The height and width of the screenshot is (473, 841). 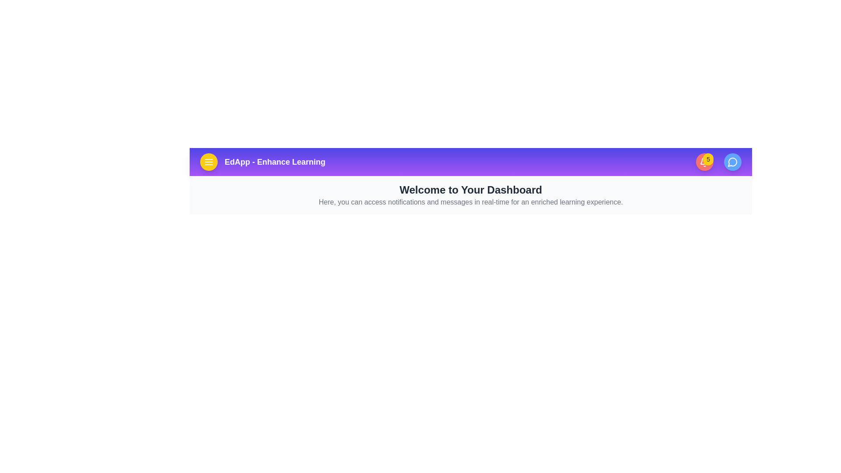 I want to click on the menu icon to open the menu, so click(x=208, y=162).